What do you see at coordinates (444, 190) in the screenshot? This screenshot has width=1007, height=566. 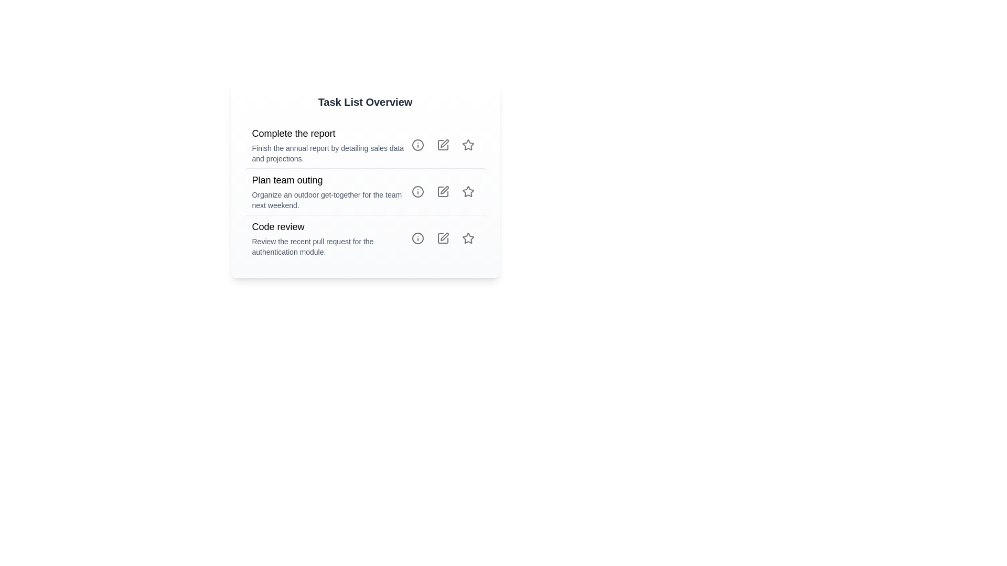 I see `the pencil icon located on the right side of the task 'Plan team outing'` at bounding box center [444, 190].